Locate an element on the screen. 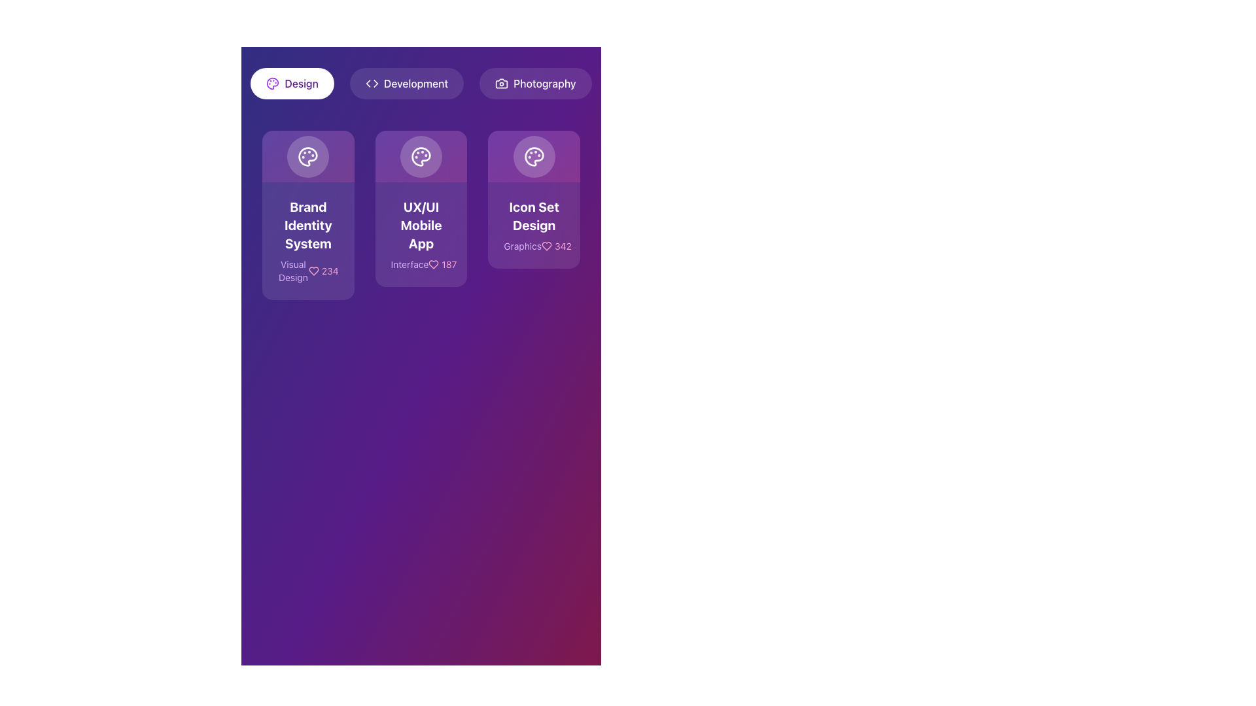 Image resolution: width=1256 pixels, height=706 pixels. header text 'Brand Identity System' displayed in bold, large, white text within the purple rectangular card layout, located in the top-left area of the interface is located at coordinates (307, 225).